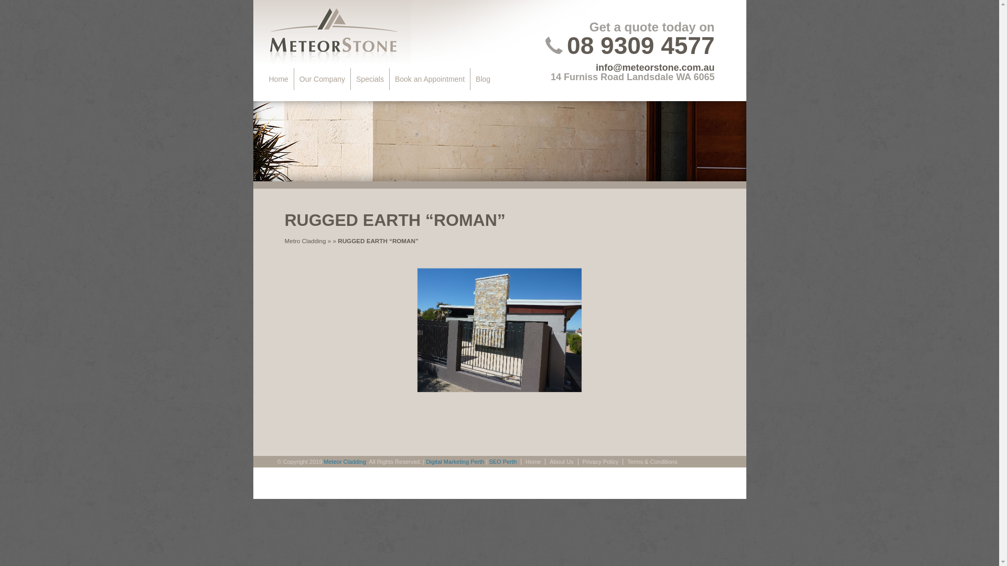  Describe the element at coordinates (430, 78) in the screenshot. I see `'Book an Appointment'` at that location.